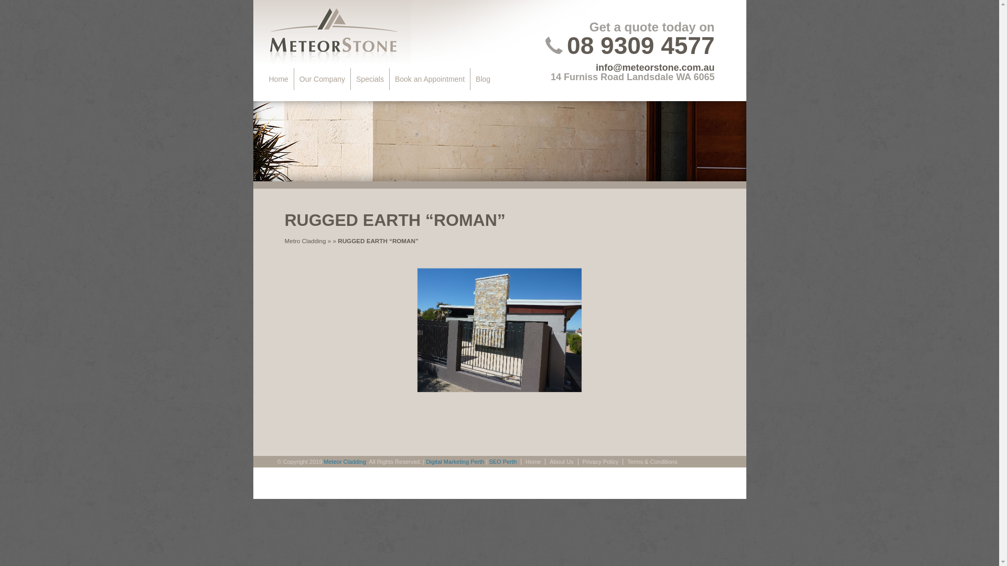  Describe the element at coordinates (430, 78) in the screenshot. I see `'Book an Appointment'` at that location.